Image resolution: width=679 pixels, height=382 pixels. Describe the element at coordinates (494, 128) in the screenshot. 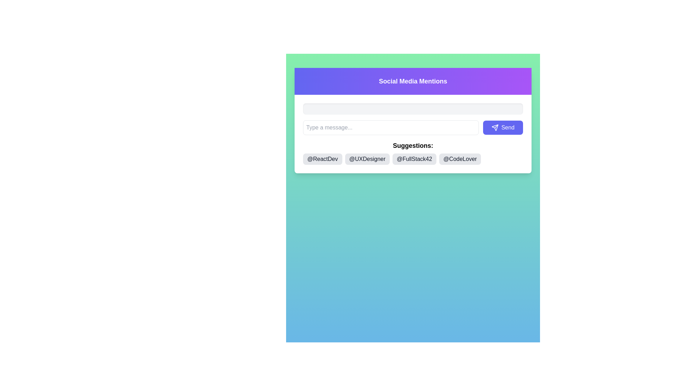

I see `the 'Send' icon located at the far-right side of the text input field` at that location.